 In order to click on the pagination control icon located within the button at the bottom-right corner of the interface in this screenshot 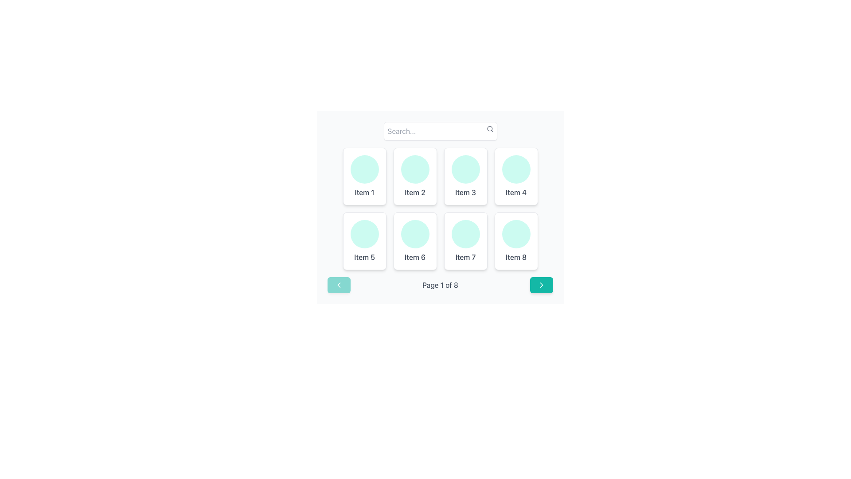, I will do `click(541, 285)`.